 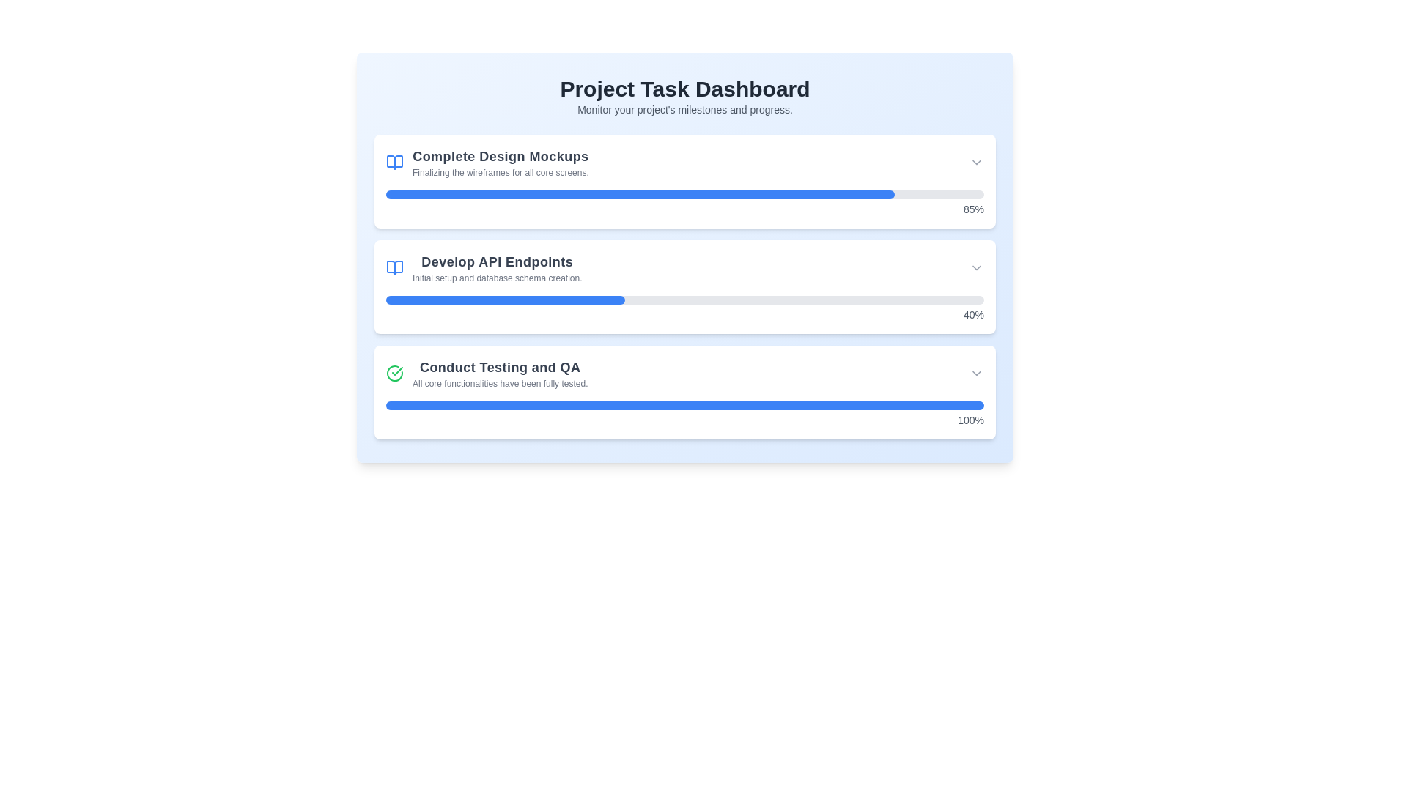 I want to click on progress, so click(x=421, y=299).